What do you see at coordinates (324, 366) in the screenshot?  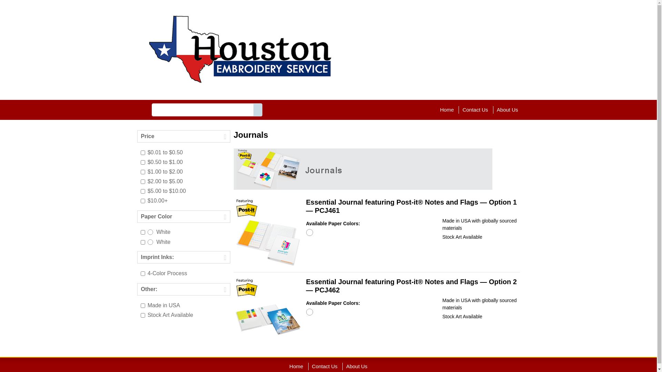 I see `'Contact Us'` at bounding box center [324, 366].